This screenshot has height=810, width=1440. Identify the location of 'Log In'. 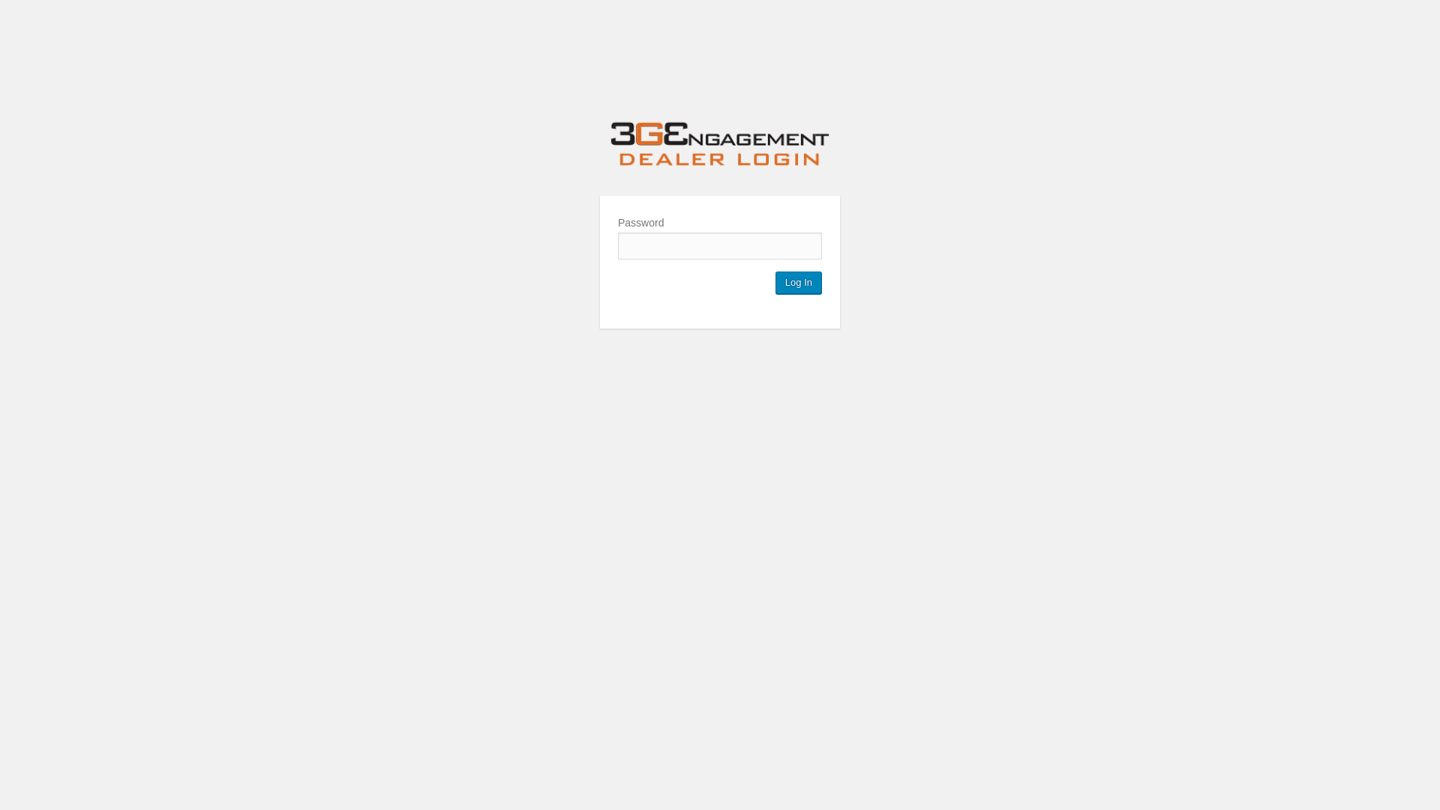
(798, 283).